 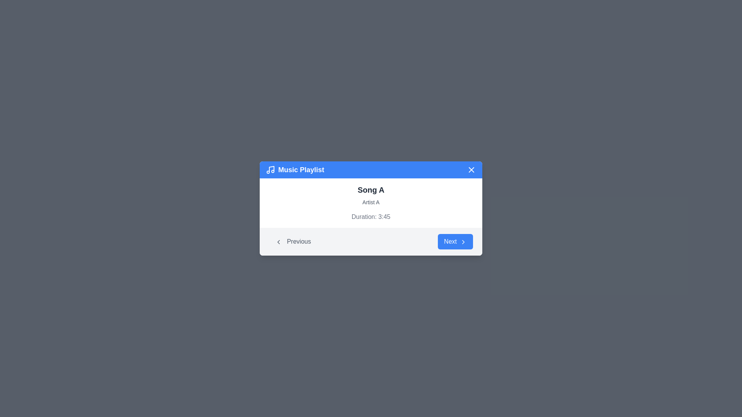 What do you see at coordinates (271, 169) in the screenshot?
I see `music-related icon featuring a musical note with a circular background, located to the far left of the 'Music Playlist' title in the header section of the popup interface, using developer tools` at bounding box center [271, 169].